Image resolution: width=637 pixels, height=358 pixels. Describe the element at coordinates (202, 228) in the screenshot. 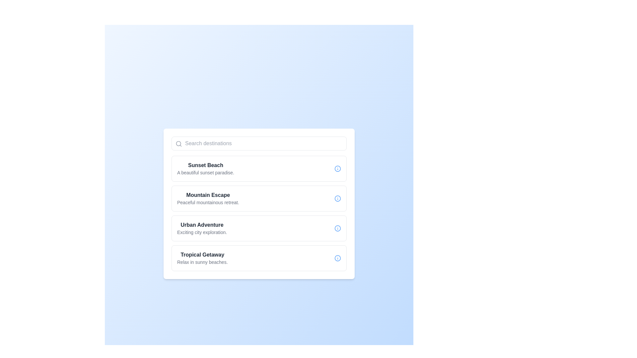

I see `the text element titled 'Urban Adventure' with the description 'Exciting city exploration', which is the third option in a vertical list of selectable items` at that location.